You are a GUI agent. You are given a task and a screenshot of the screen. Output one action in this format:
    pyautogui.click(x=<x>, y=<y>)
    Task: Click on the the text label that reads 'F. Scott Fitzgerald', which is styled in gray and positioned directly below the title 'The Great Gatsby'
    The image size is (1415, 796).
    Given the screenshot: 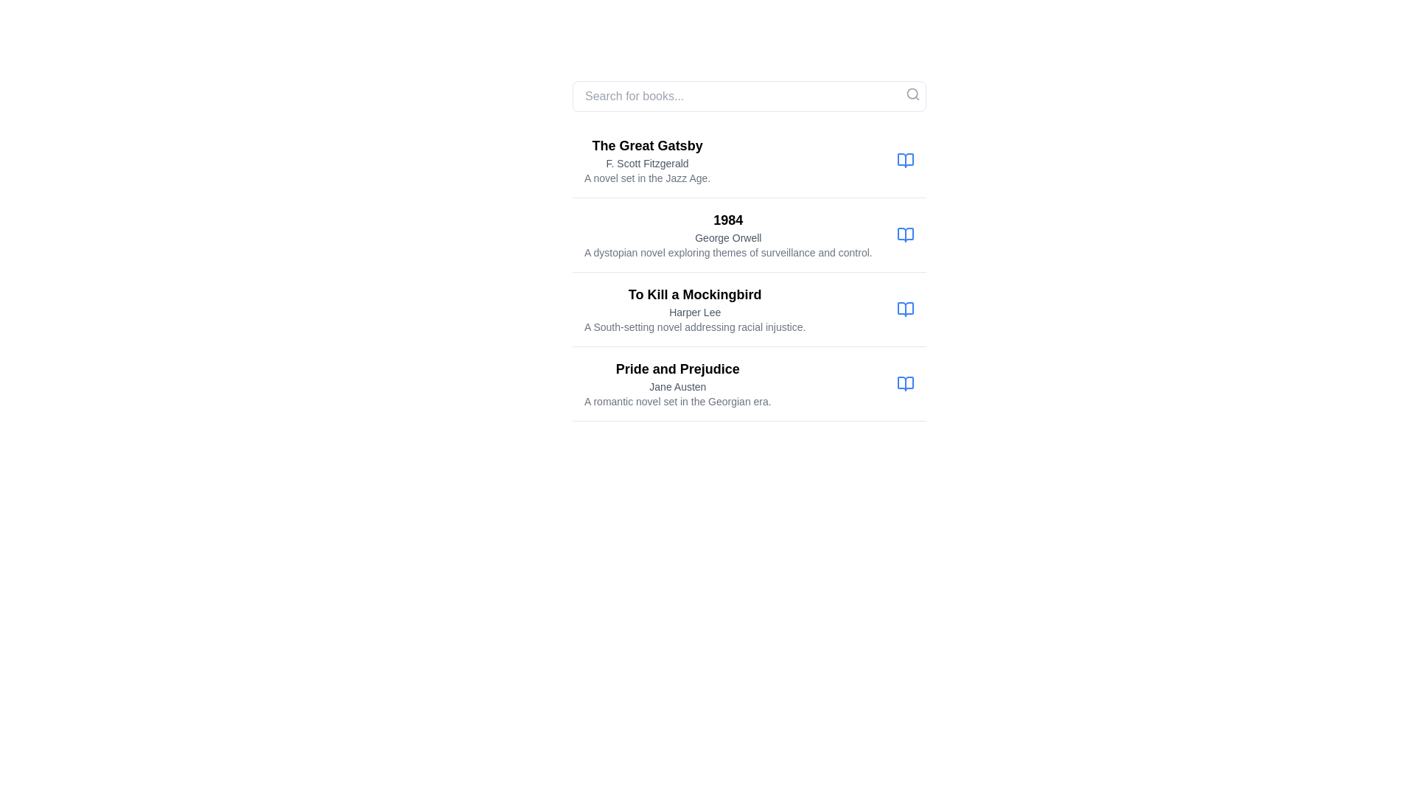 What is the action you would take?
    pyautogui.click(x=647, y=164)
    